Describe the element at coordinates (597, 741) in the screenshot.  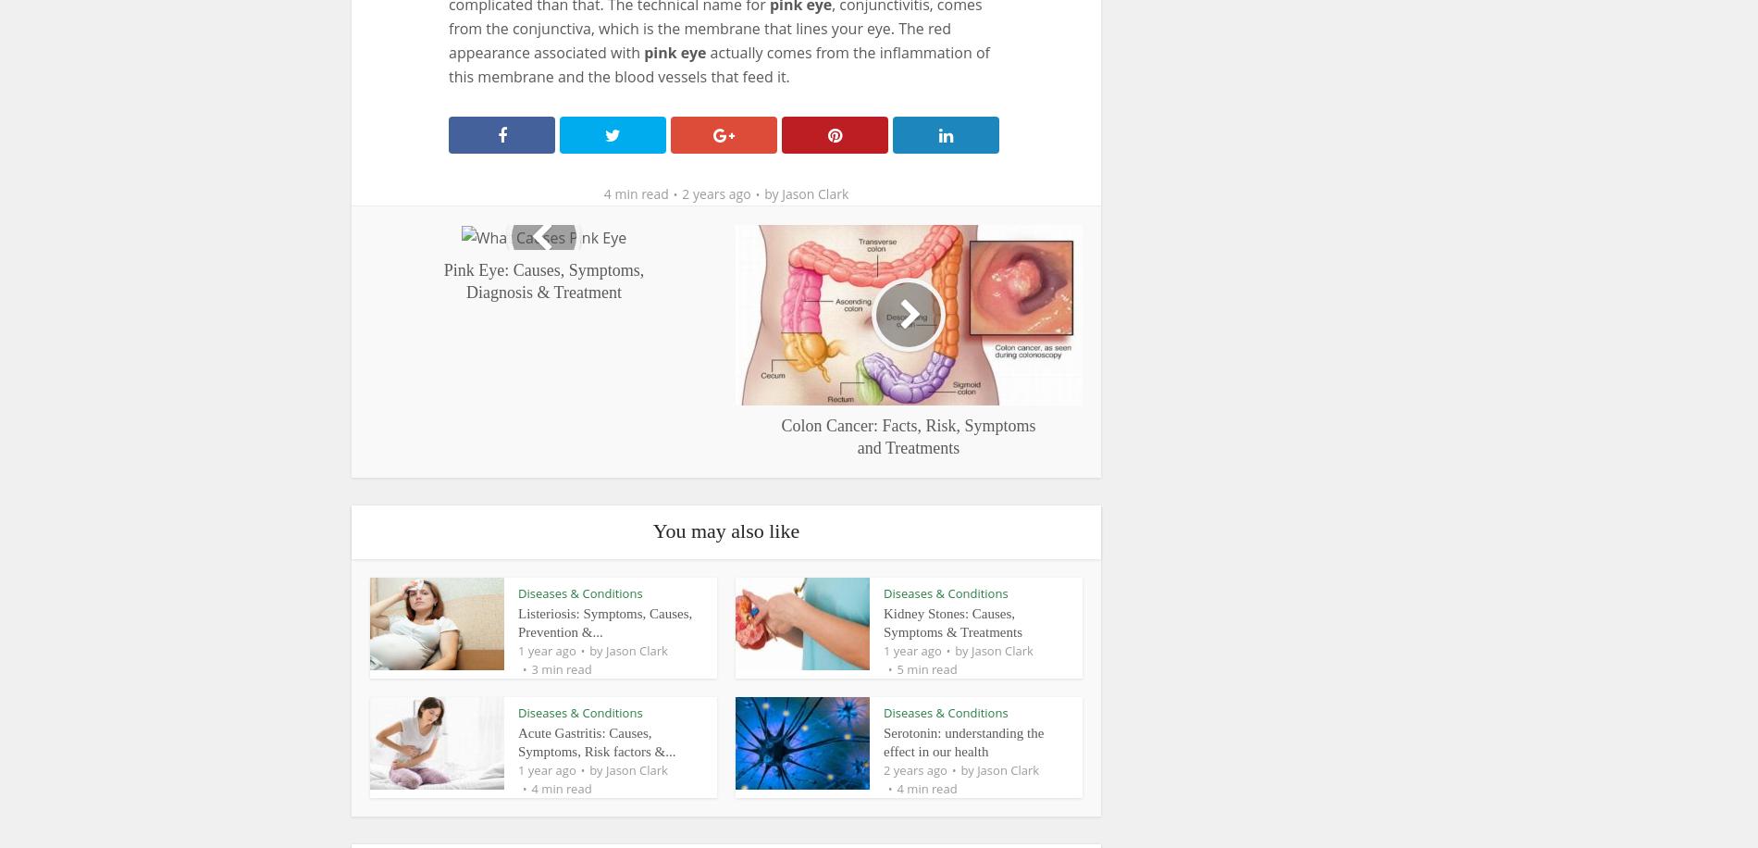
I see `'Acute Gastritis: Causes, Symptoms, Risk factors &...'` at that location.